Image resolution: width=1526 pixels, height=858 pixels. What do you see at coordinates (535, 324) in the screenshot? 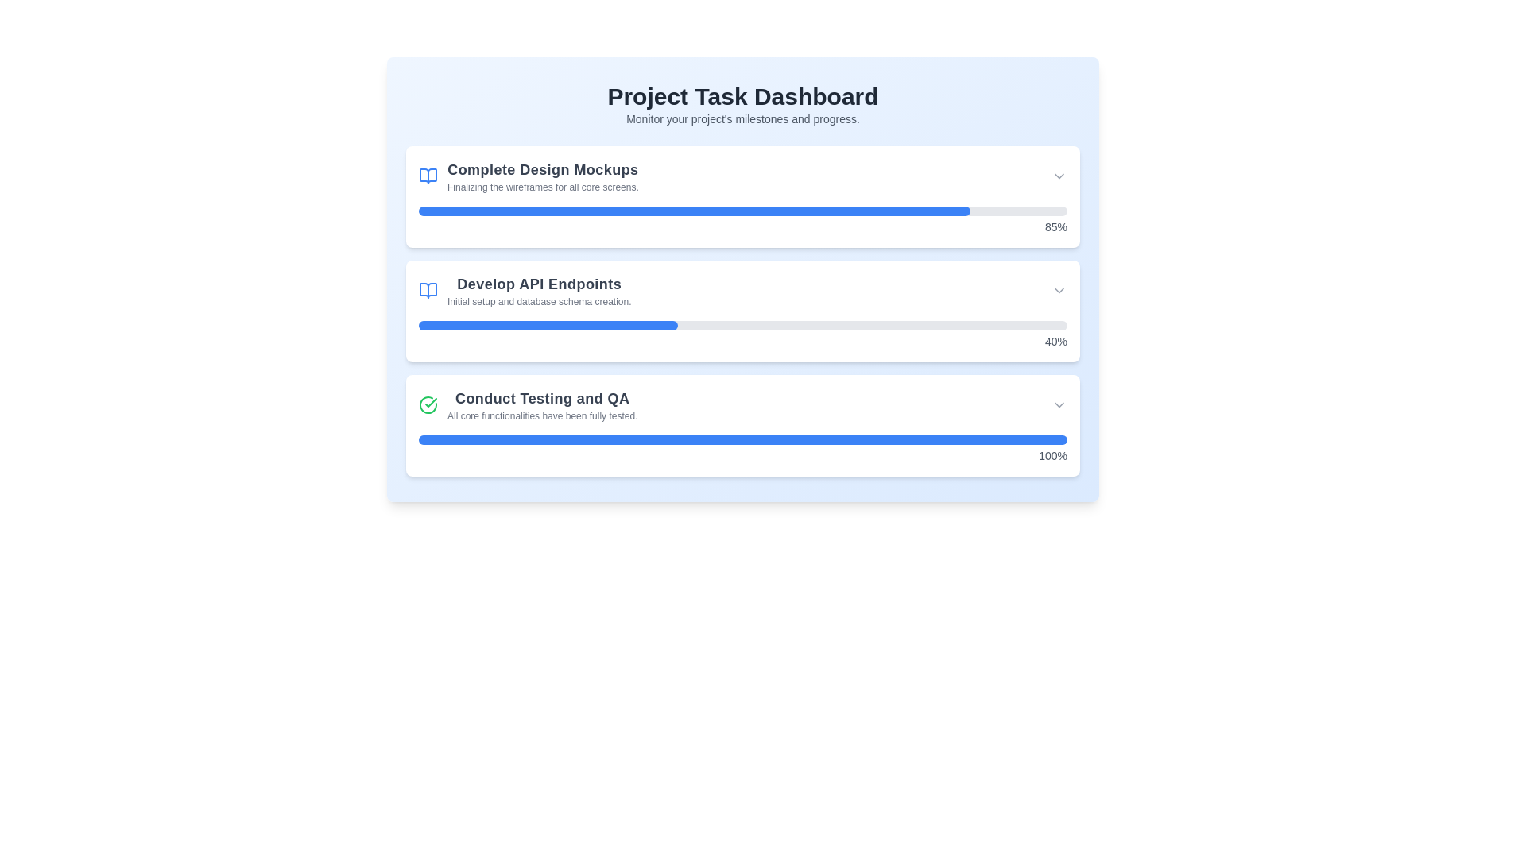
I see `progress` at bounding box center [535, 324].